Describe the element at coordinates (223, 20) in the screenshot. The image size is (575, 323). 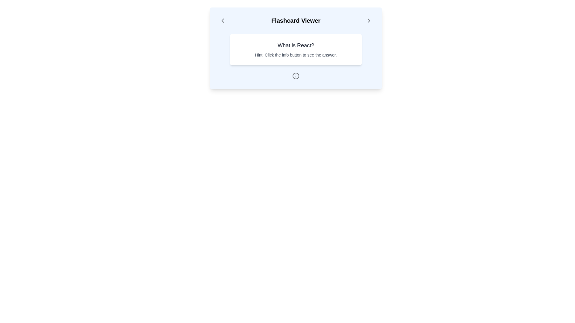
I see `the left-pointing arrow icon located within the button at the top left corner of the Flashcard Viewer` at that location.